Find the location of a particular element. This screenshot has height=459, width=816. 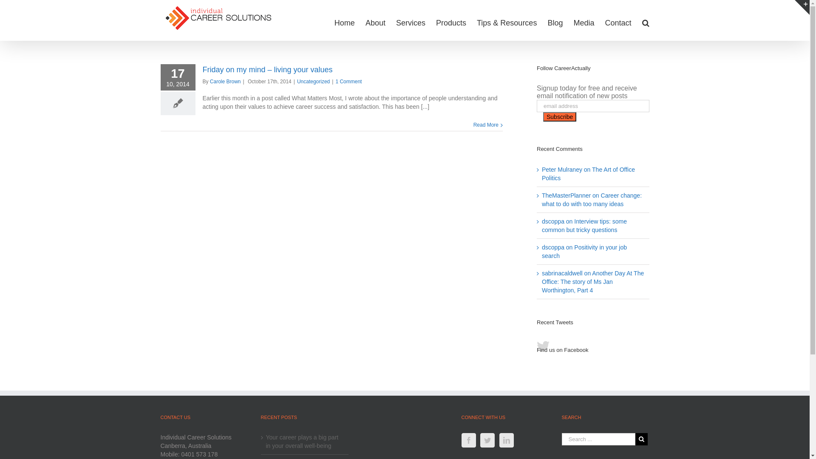

'Read More' is located at coordinates (486, 125).